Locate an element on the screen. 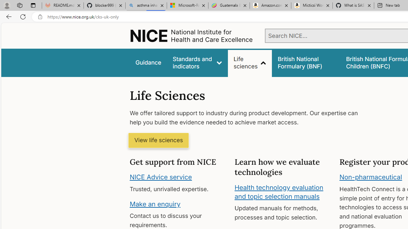  'Health technology evaluation and topic selection manuals' is located at coordinates (279, 191).